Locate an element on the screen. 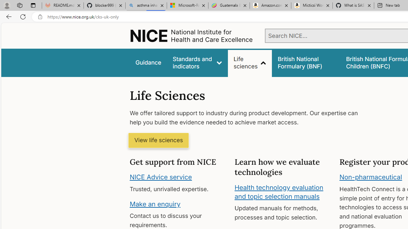  'Health technology evaluation and topic selection manuals' is located at coordinates (279, 191).